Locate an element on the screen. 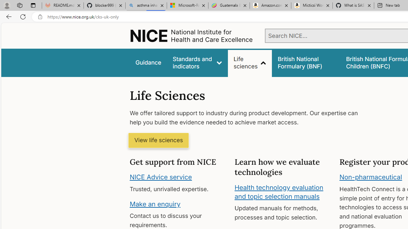  'Health technology evaluation and topic selection manuals' is located at coordinates (279, 191).